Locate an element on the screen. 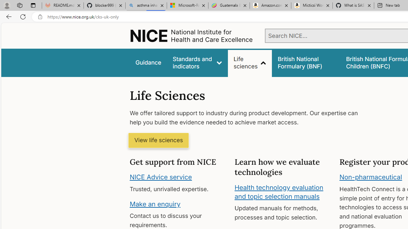  'Health technology evaluation and topic selection manuals' is located at coordinates (279, 191).